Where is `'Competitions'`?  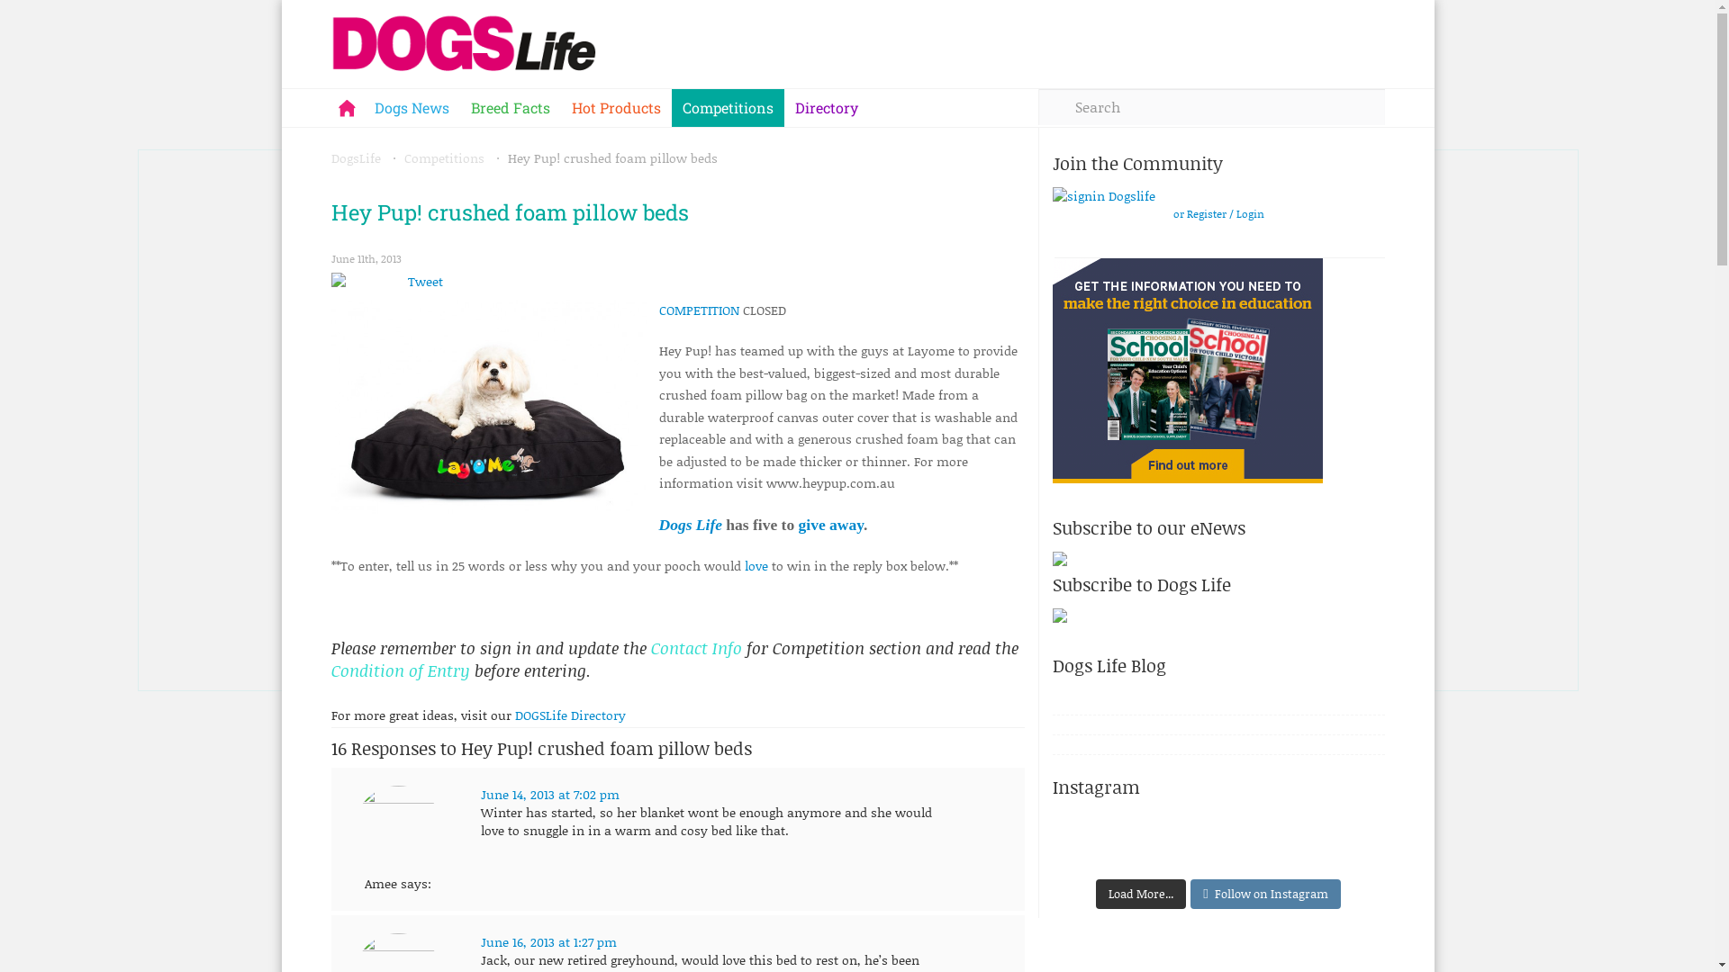 'Competitions' is located at coordinates (402, 157).